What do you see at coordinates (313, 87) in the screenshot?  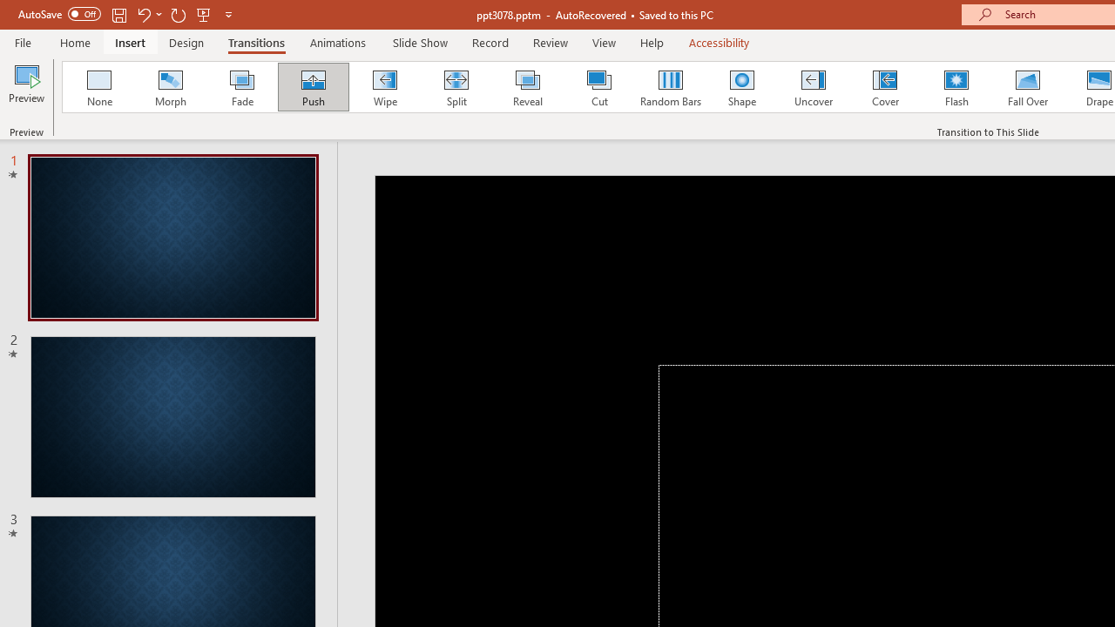 I see `'Push'` at bounding box center [313, 87].